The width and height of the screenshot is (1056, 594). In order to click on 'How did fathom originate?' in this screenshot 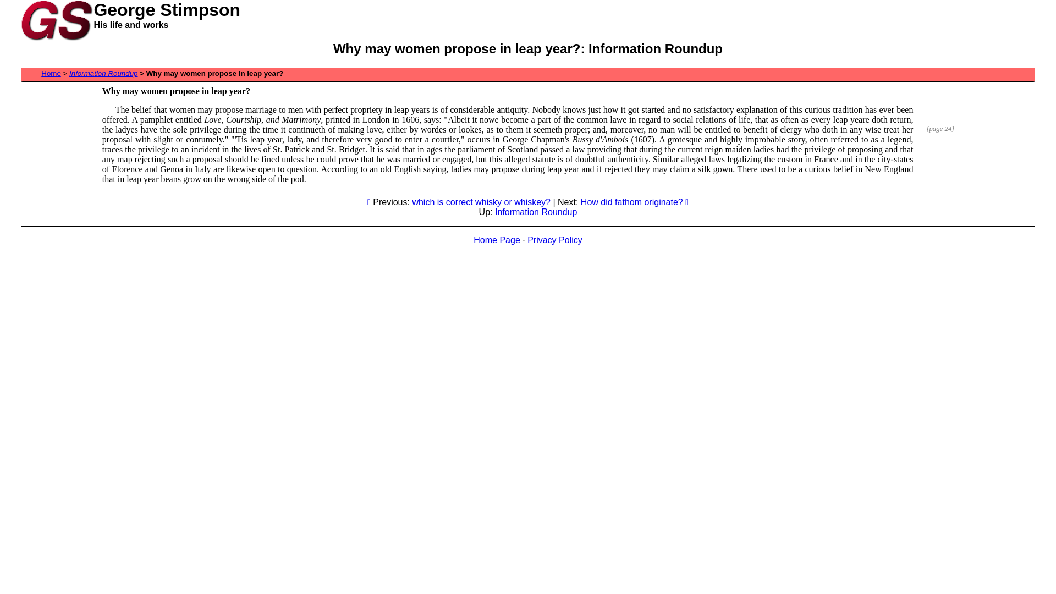, I will do `click(631, 202)`.